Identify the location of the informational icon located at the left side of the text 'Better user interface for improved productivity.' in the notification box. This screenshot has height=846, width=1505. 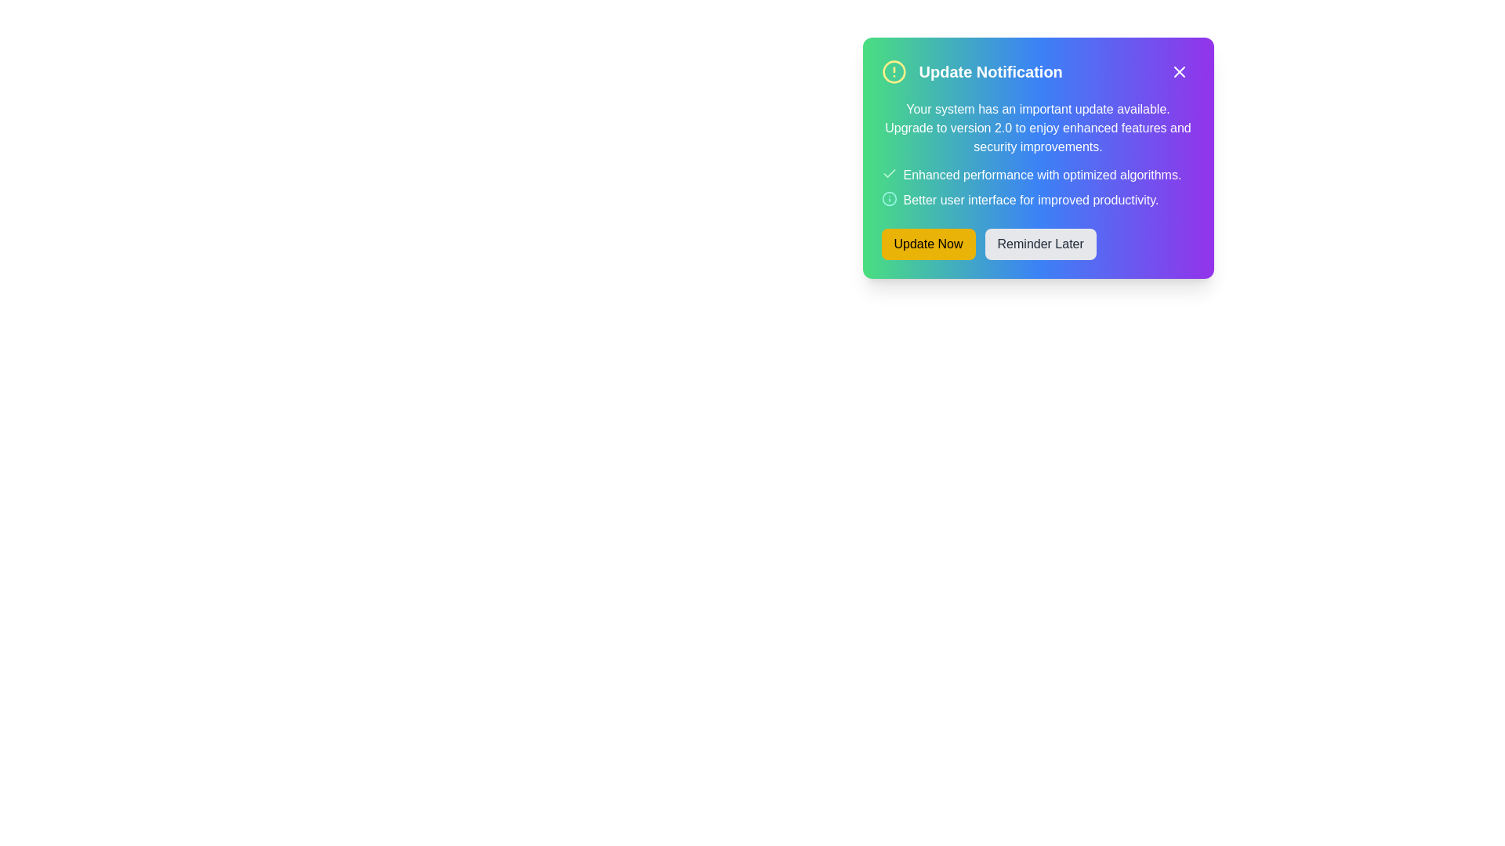
(889, 198).